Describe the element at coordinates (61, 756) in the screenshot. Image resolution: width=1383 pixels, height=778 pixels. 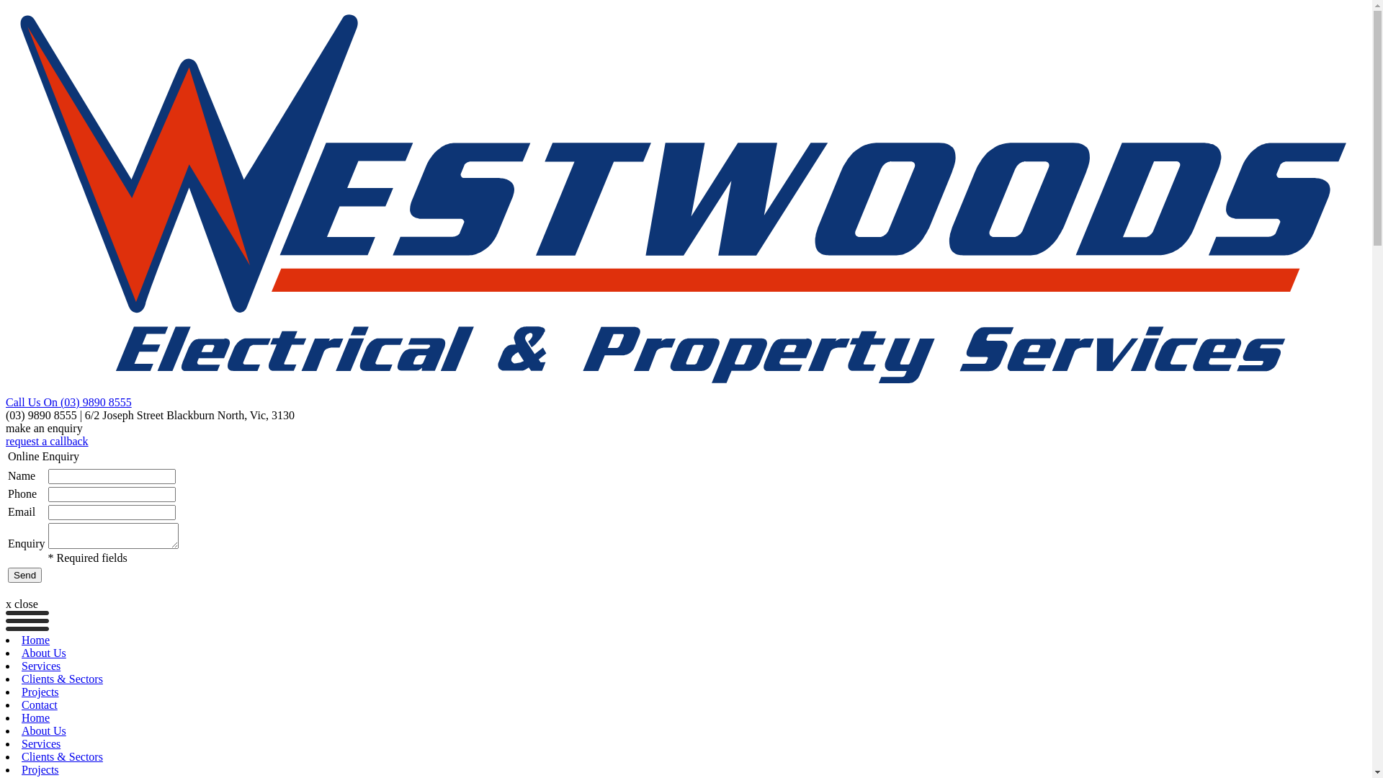
I see `'Clients & Sectors'` at that location.